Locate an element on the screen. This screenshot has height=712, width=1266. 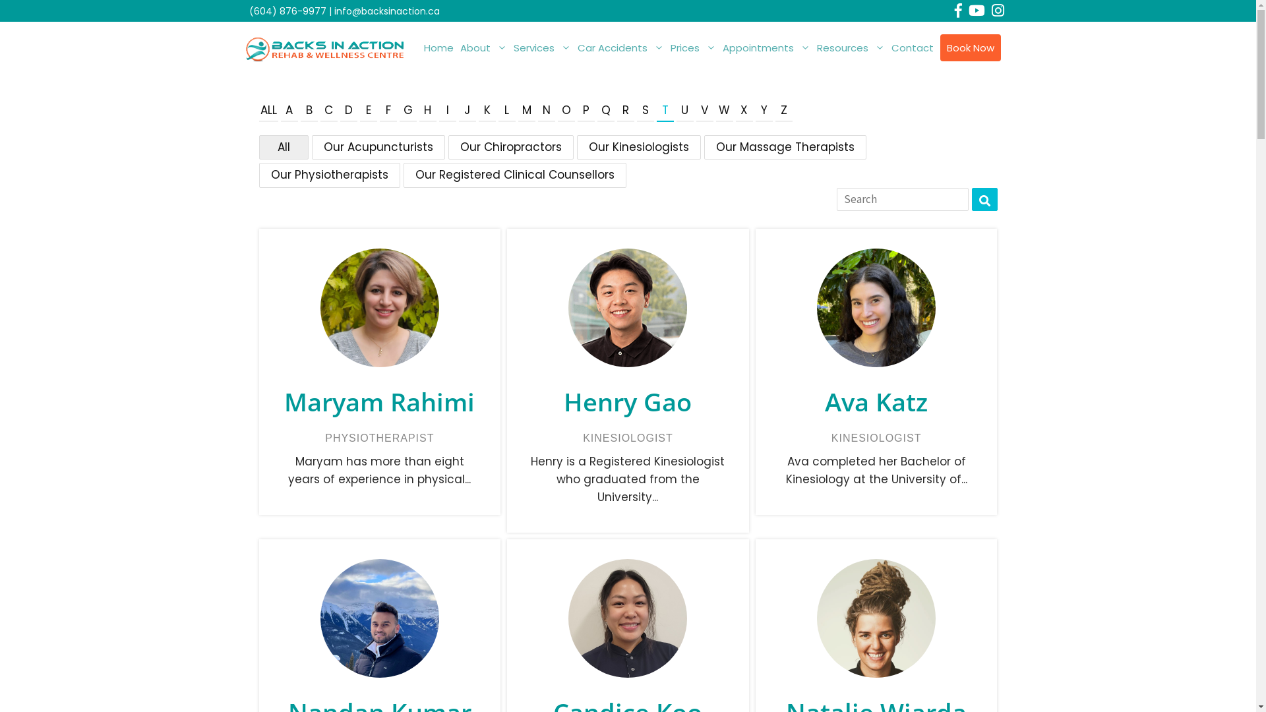
'Resources' is located at coordinates (851, 47).